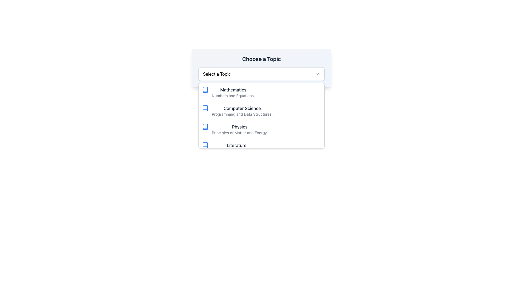 This screenshot has width=522, height=294. What do you see at coordinates (239, 133) in the screenshot?
I see `the static text label that reads 'Principles of Matter and Energy', which is located directly below the 'Physics' title in the dropdown menu` at bounding box center [239, 133].